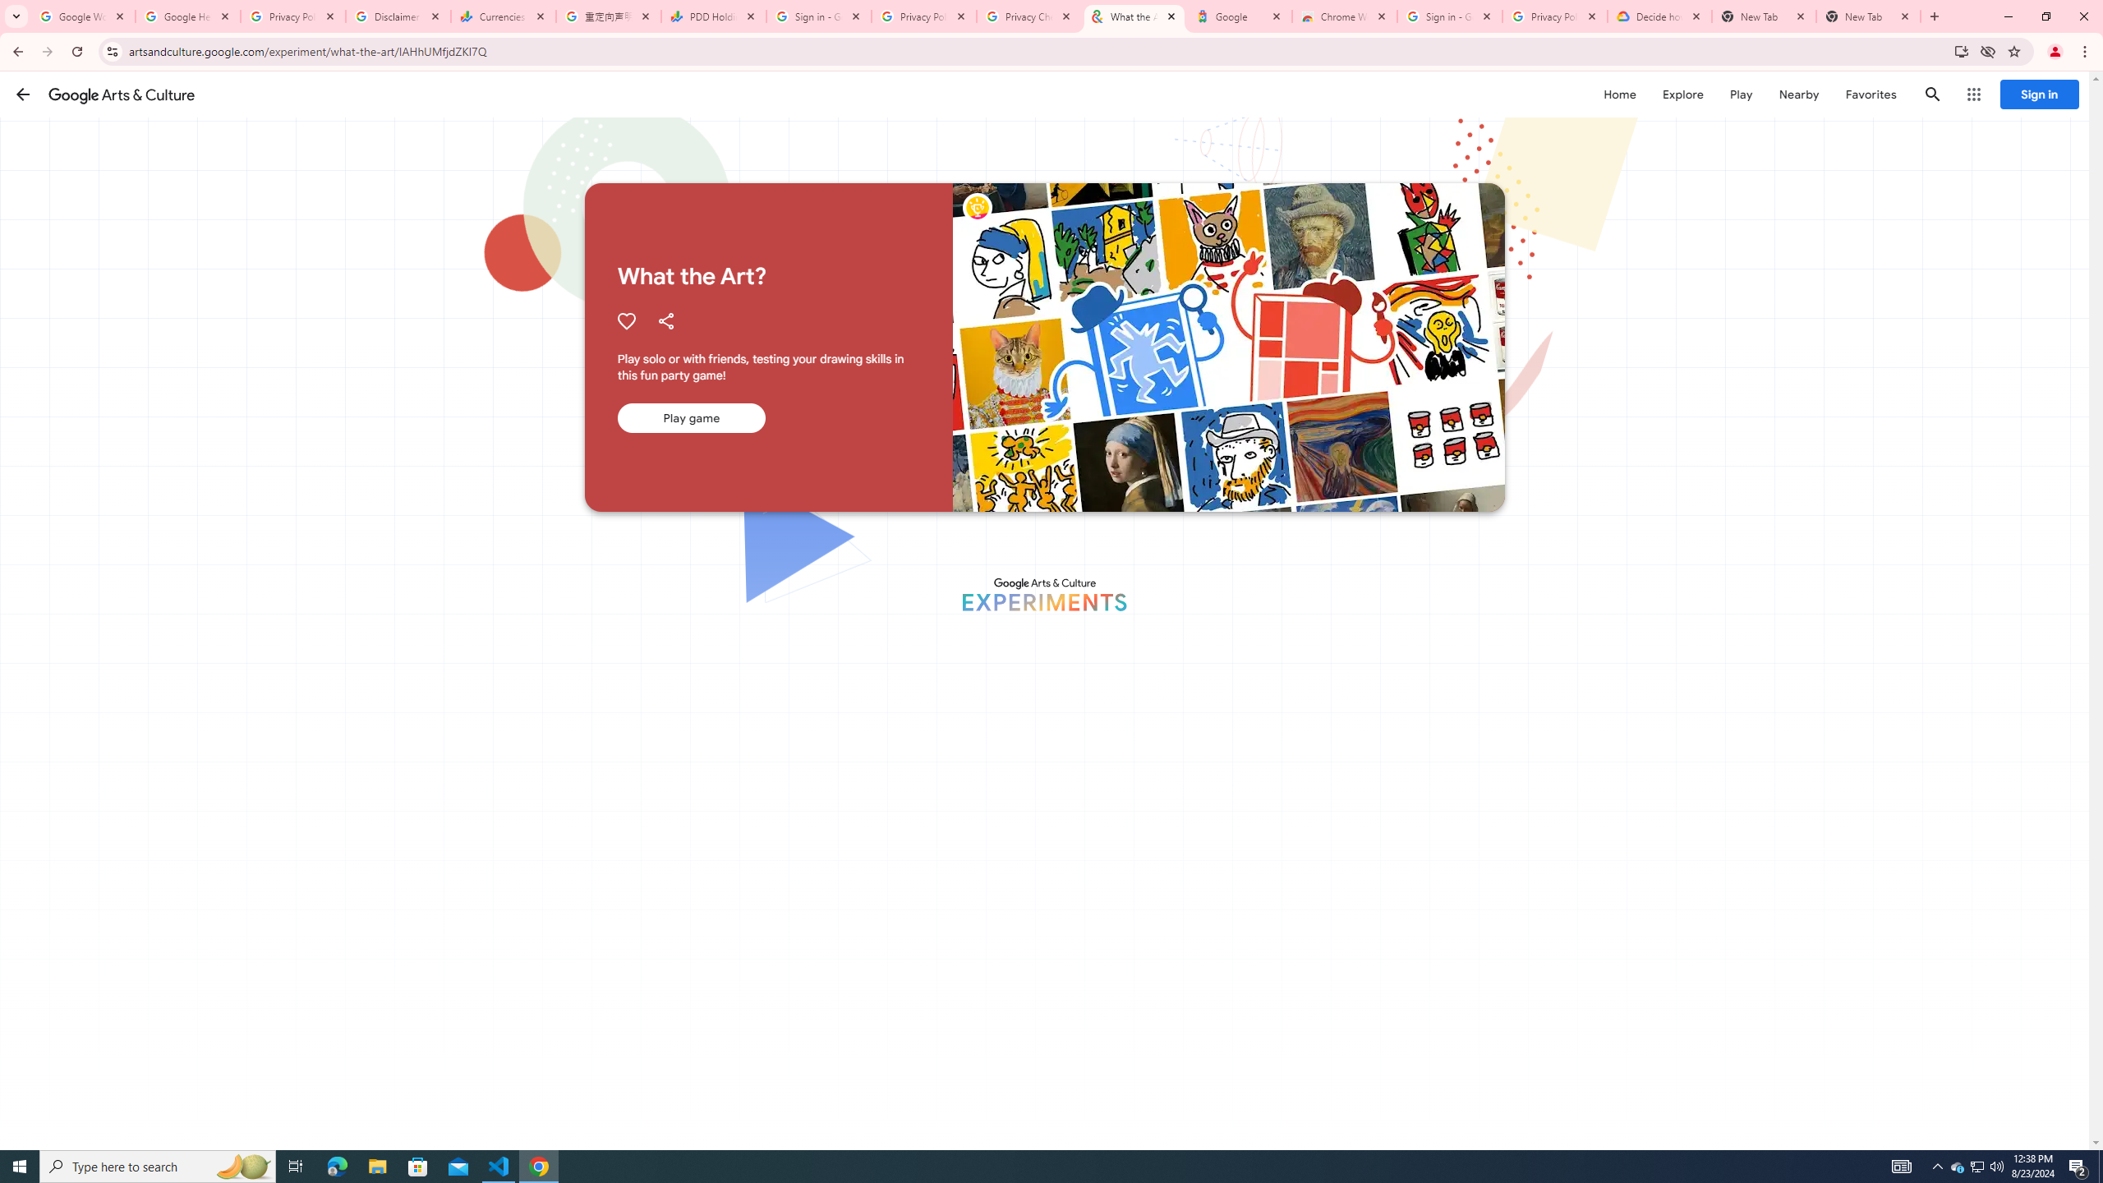  What do you see at coordinates (1741, 94) in the screenshot?
I see `'Play'` at bounding box center [1741, 94].